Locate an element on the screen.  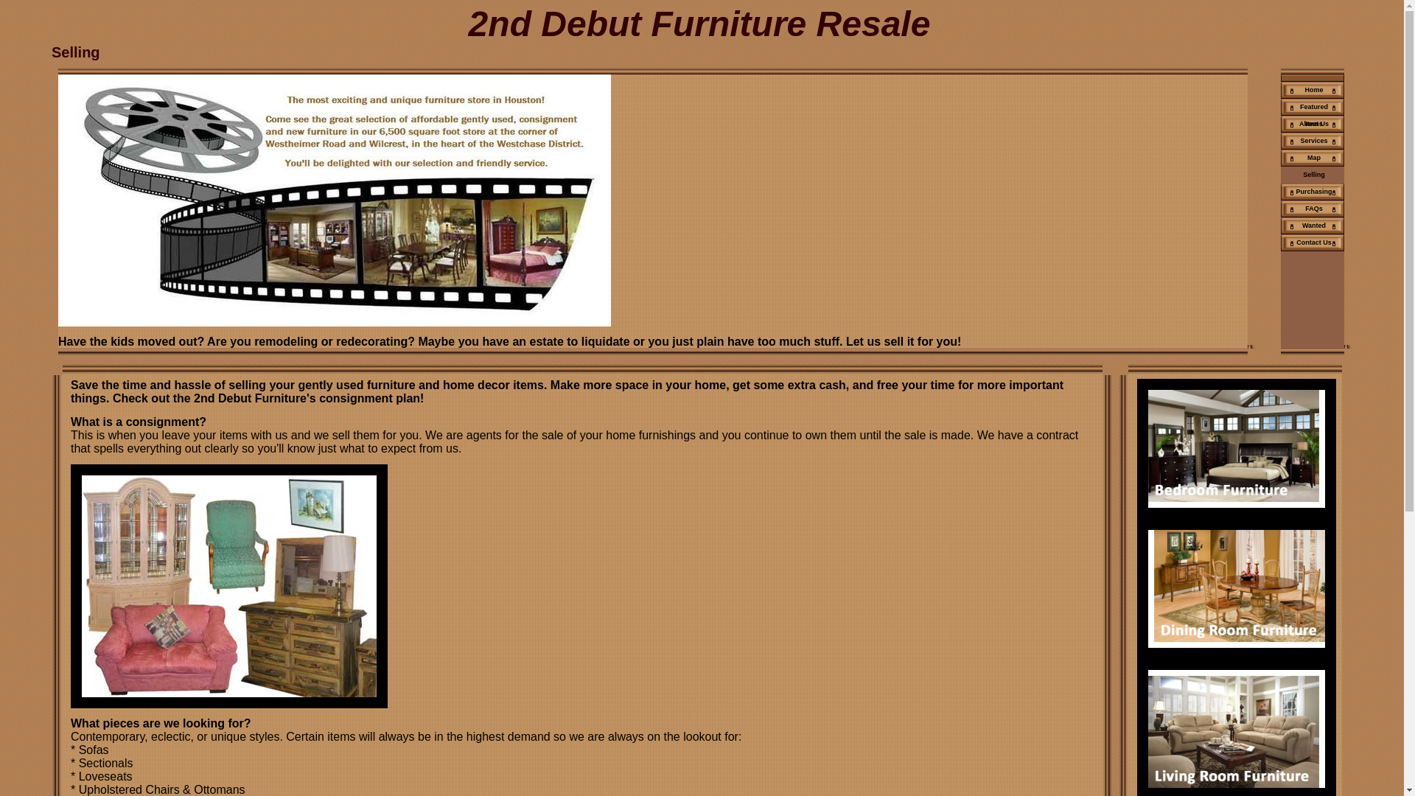
'Wanted' is located at coordinates (1312, 226).